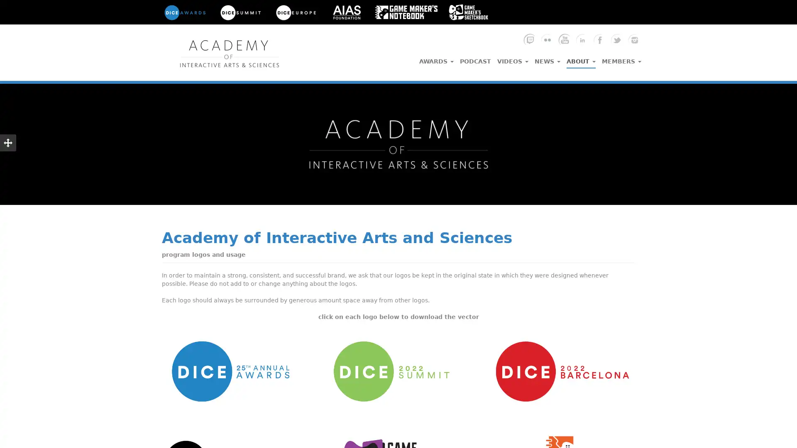 The image size is (797, 448). What do you see at coordinates (436, 58) in the screenshot?
I see `AWARDS` at bounding box center [436, 58].